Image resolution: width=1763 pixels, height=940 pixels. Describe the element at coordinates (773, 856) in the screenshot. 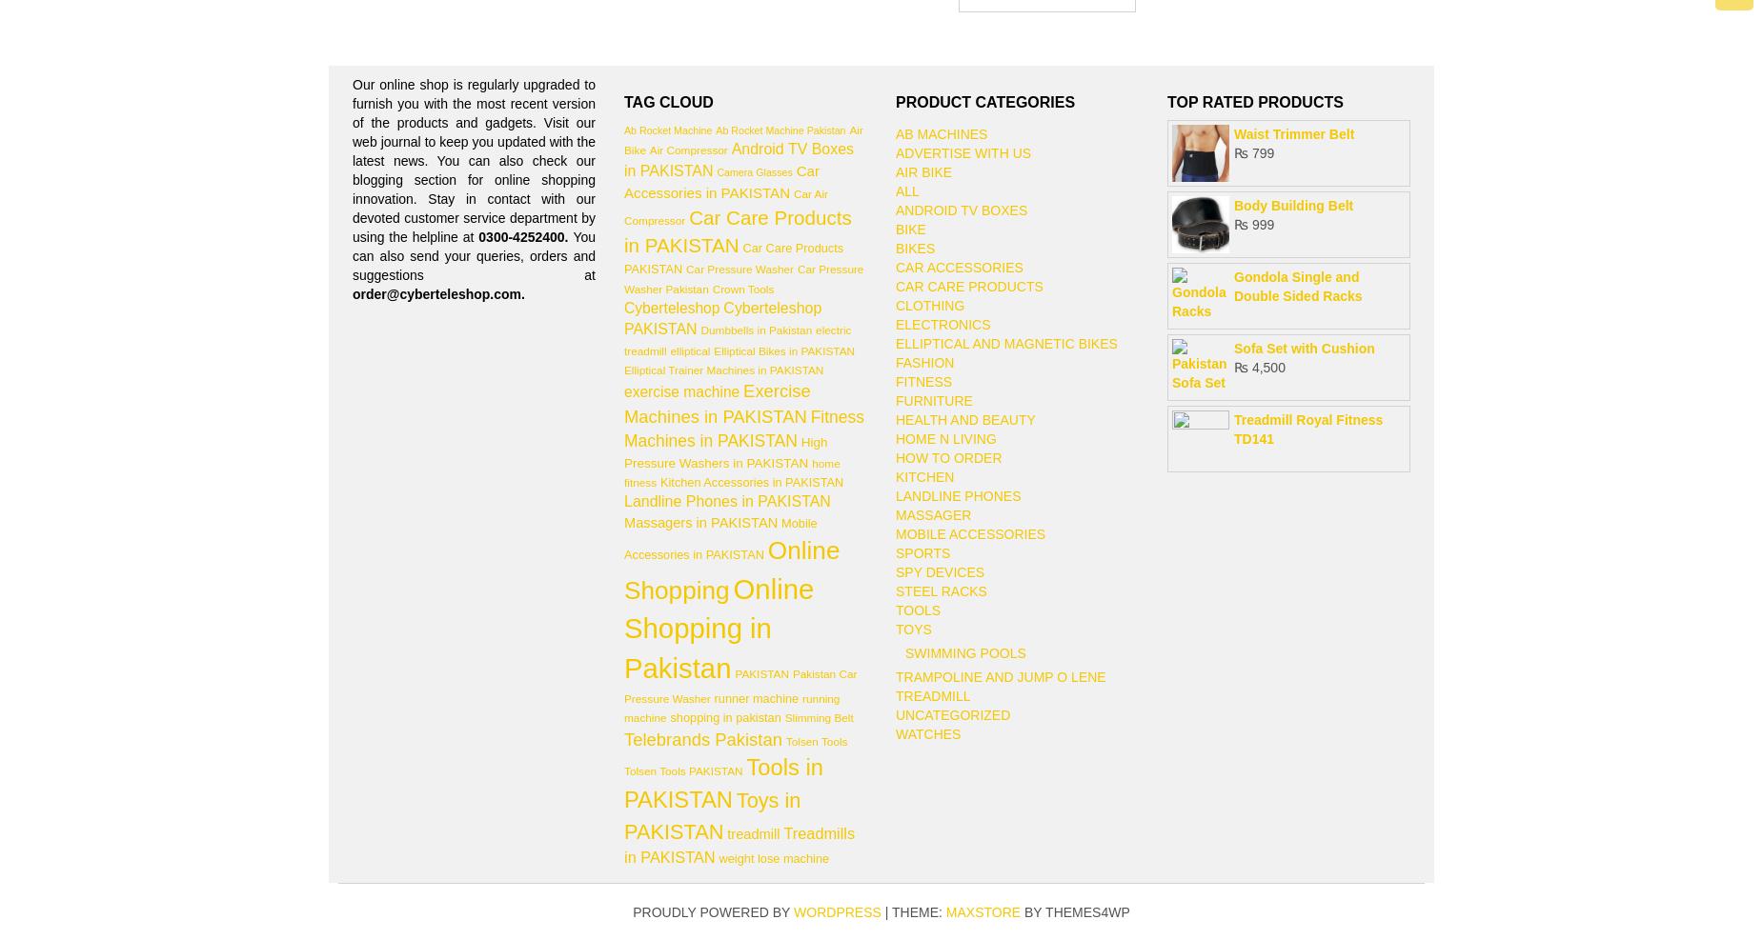

I see `'weight lose machine'` at that location.